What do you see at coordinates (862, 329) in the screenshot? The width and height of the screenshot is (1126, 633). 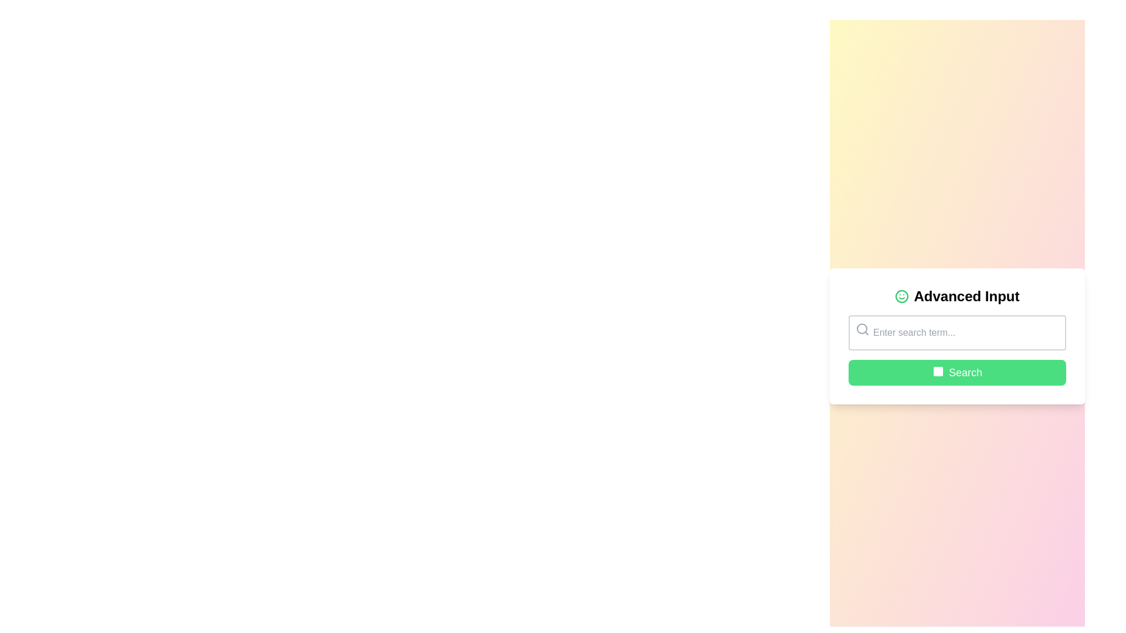 I see `the magnifying glass icon styled as a search indicator located at the top-left corner of the text input area within the rounded rectangle UI component` at bounding box center [862, 329].